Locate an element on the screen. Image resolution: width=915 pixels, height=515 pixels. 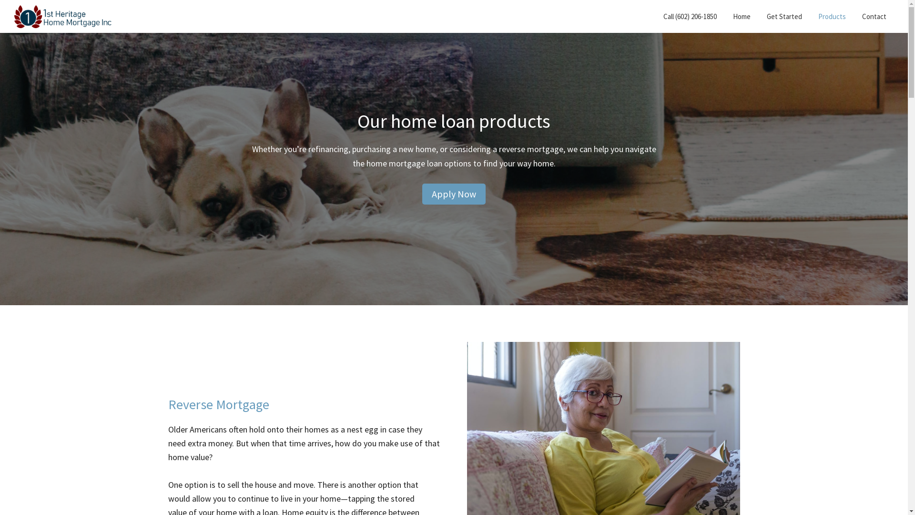
'Home' is located at coordinates (741, 16).